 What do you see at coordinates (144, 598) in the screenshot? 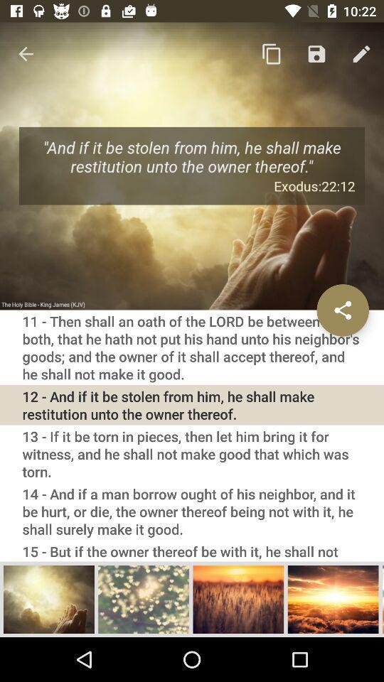
I see `peace of mind` at bounding box center [144, 598].